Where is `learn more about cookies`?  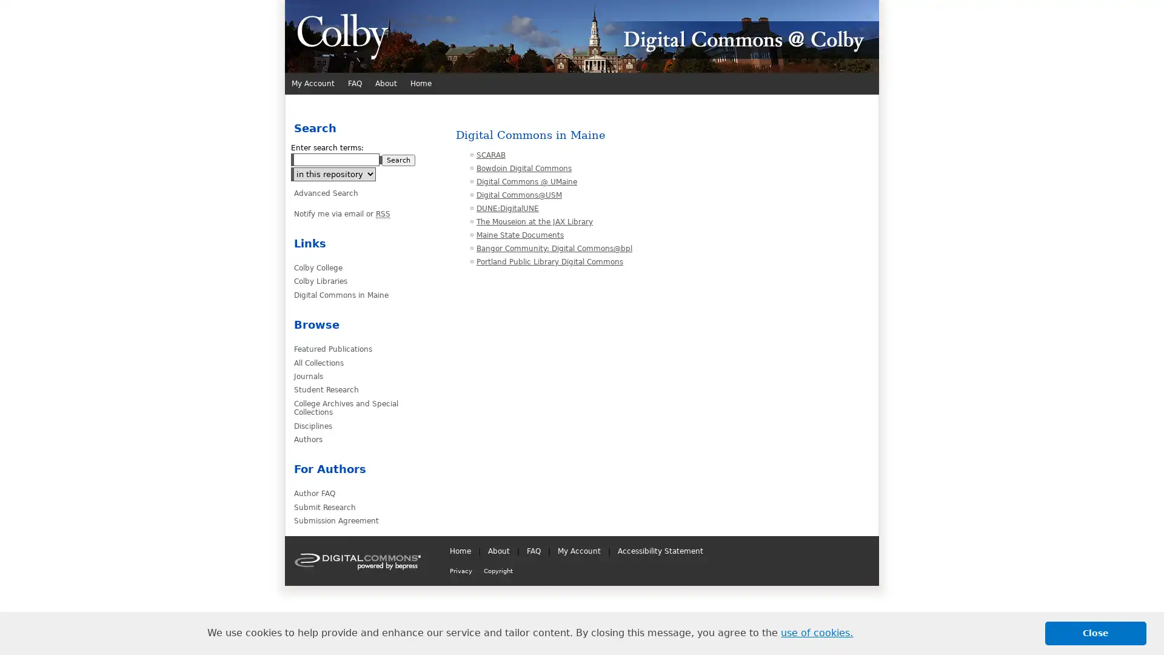 learn more about cookies is located at coordinates (817, 633).